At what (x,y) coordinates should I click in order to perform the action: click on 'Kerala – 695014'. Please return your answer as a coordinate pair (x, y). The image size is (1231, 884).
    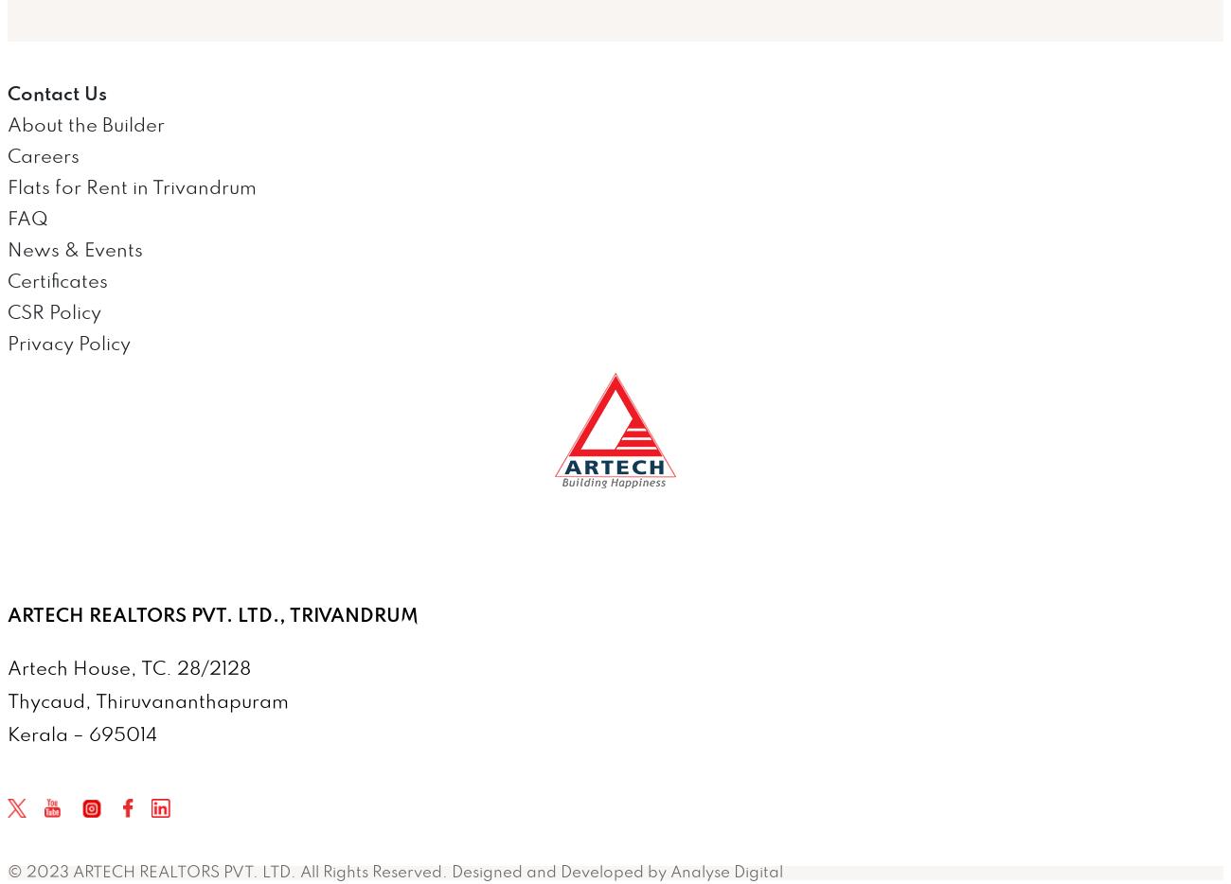
    Looking at the image, I should click on (81, 735).